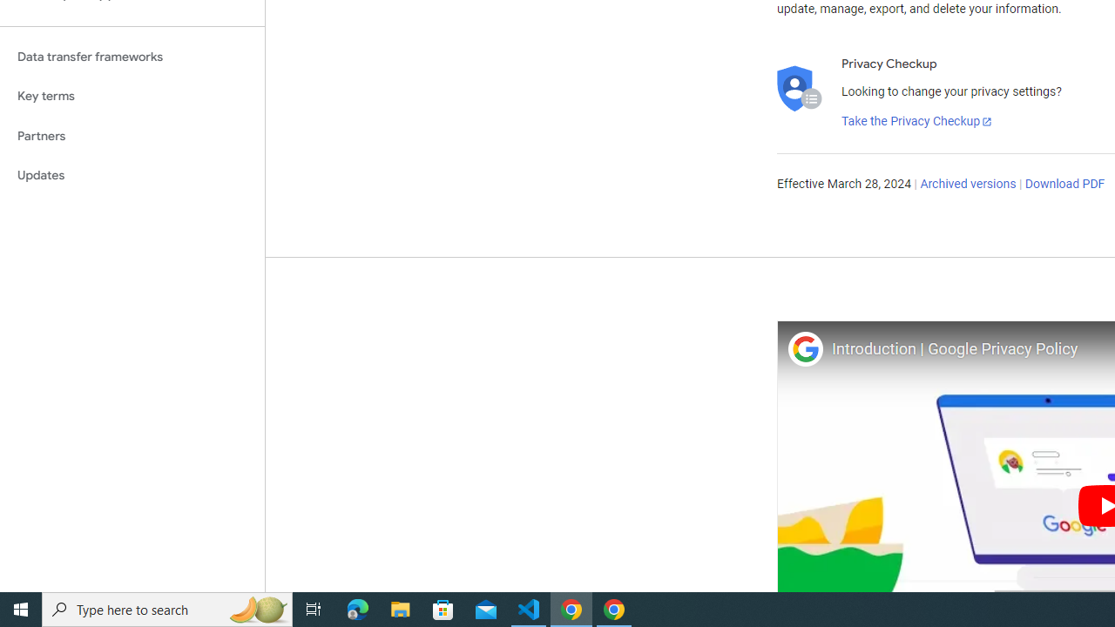 The image size is (1115, 627). Describe the element at coordinates (916, 121) in the screenshot. I see `'Take the Privacy Checkup'` at that location.